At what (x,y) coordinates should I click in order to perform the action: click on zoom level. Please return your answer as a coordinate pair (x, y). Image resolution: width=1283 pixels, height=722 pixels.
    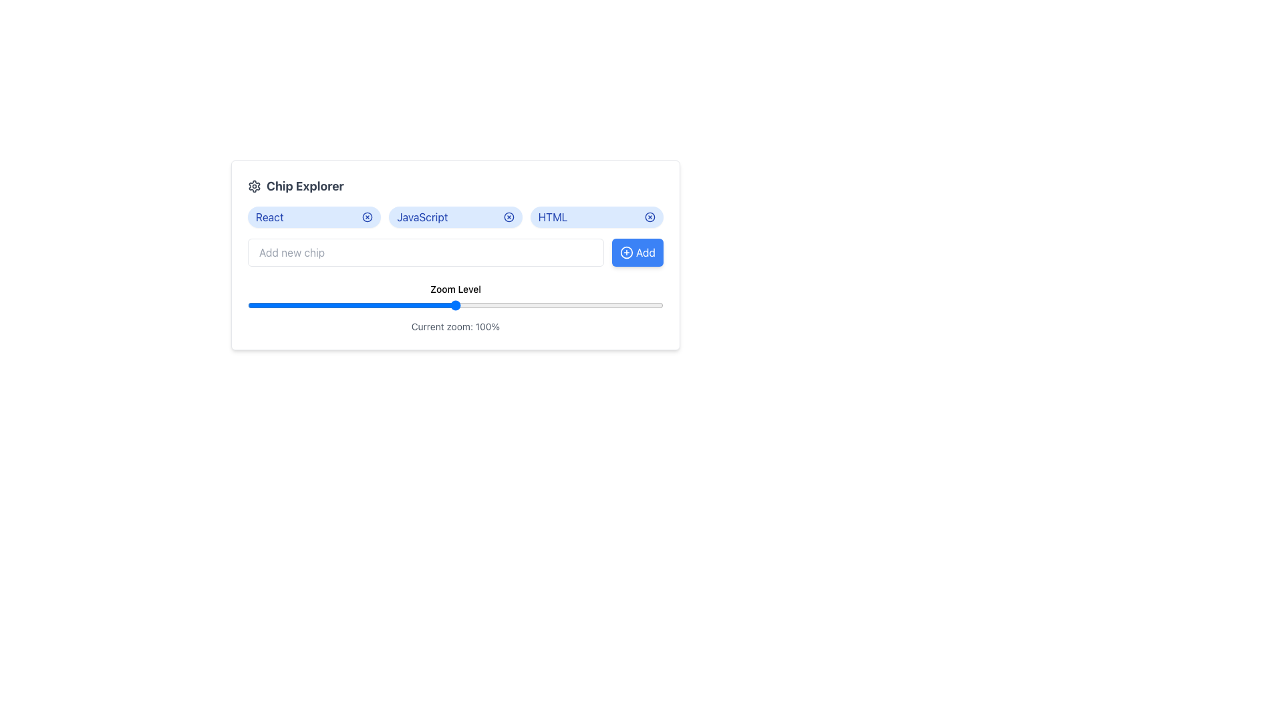
    Looking at the image, I should click on (447, 305).